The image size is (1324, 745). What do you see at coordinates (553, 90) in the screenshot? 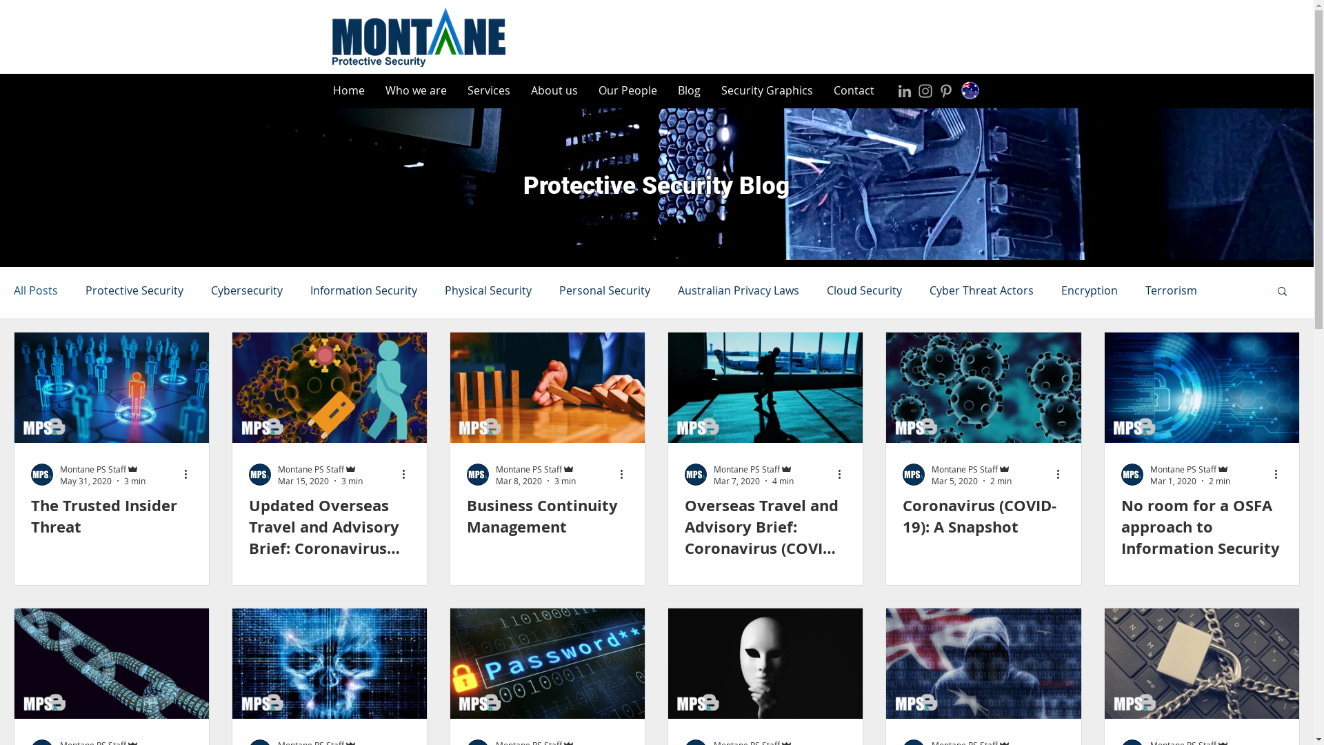
I see `'About us'` at bounding box center [553, 90].